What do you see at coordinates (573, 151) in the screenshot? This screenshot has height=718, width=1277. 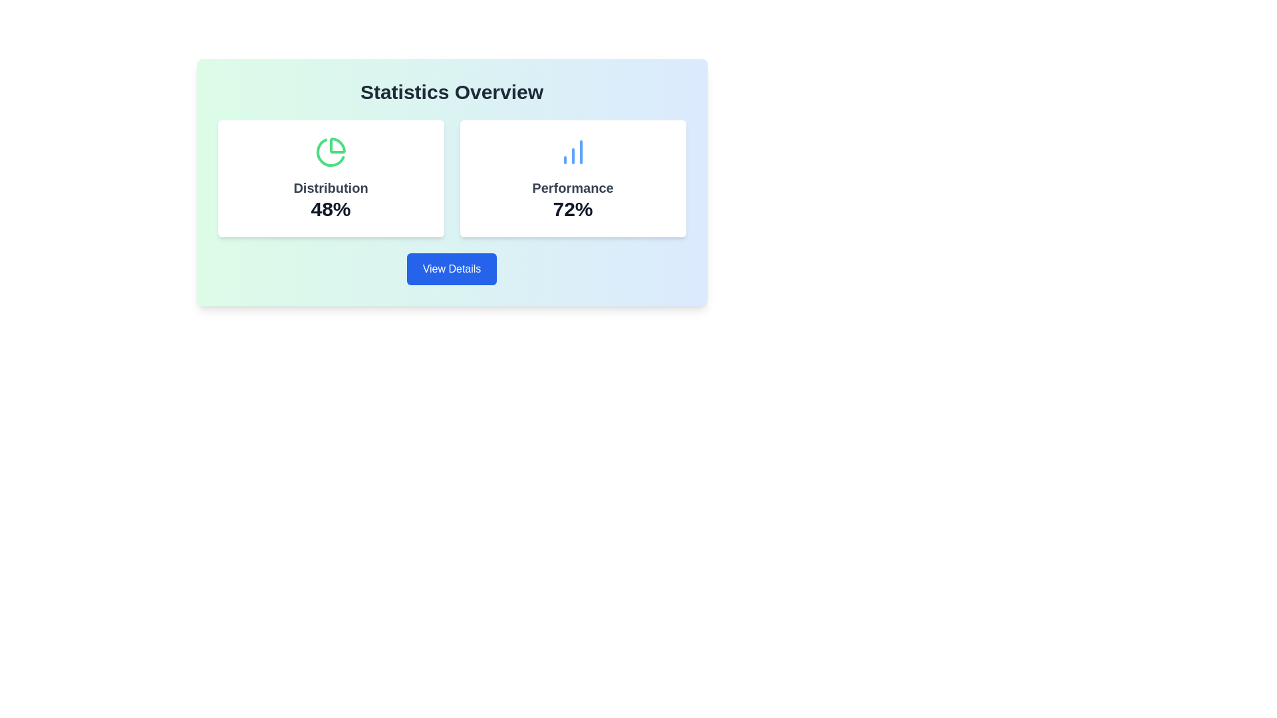 I see `the details of the icon that visually represents performance metrics in the 'Performance 72%' card, which is positioned at the center top above the text 'Performance' and '72%'` at bounding box center [573, 151].